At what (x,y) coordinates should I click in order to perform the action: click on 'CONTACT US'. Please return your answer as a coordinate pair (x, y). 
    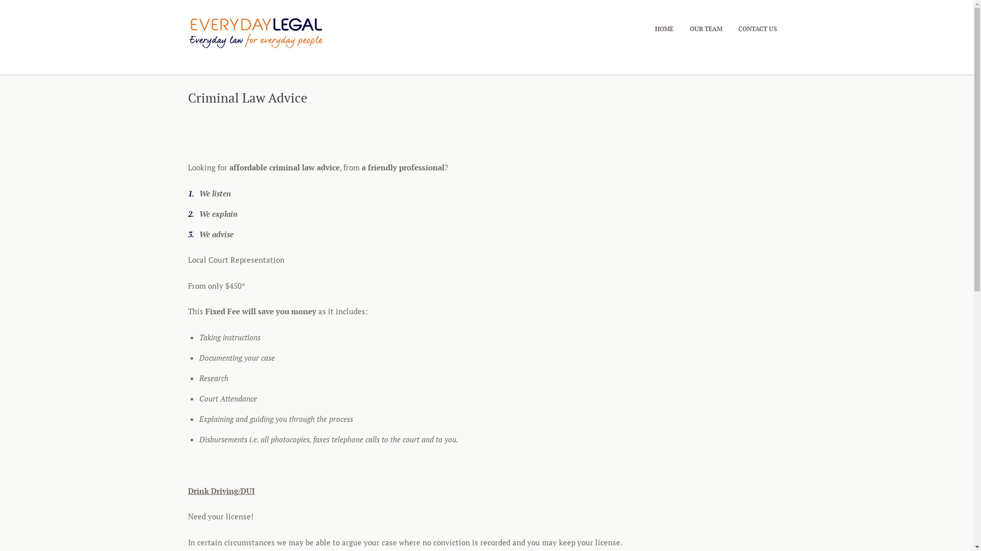
    Looking at the image, I should click on (757, 28).